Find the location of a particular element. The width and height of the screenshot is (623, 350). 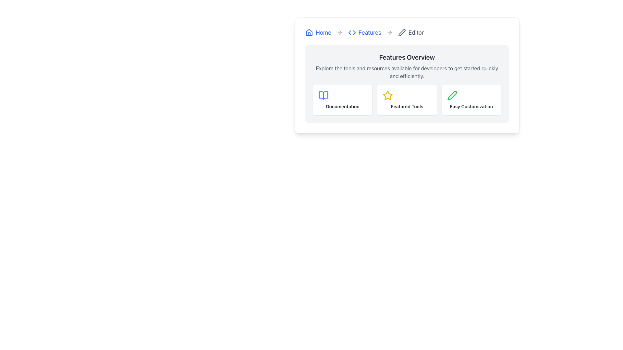

the green pen icon, which is the last item in the row of three icons under the 'Features Overview' heading, indicating a writing or editing function is located at coordinates (452, 95).